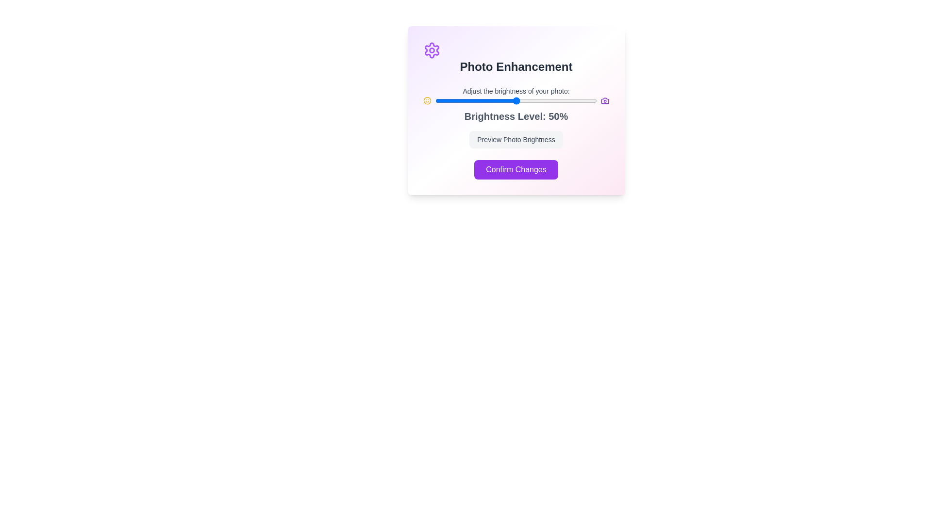 The width and height of the screenshot is (932, 524). Describe the element at coordinates (538, 101) in the screenshot. I see `the brightness slider to 64%` at that location.